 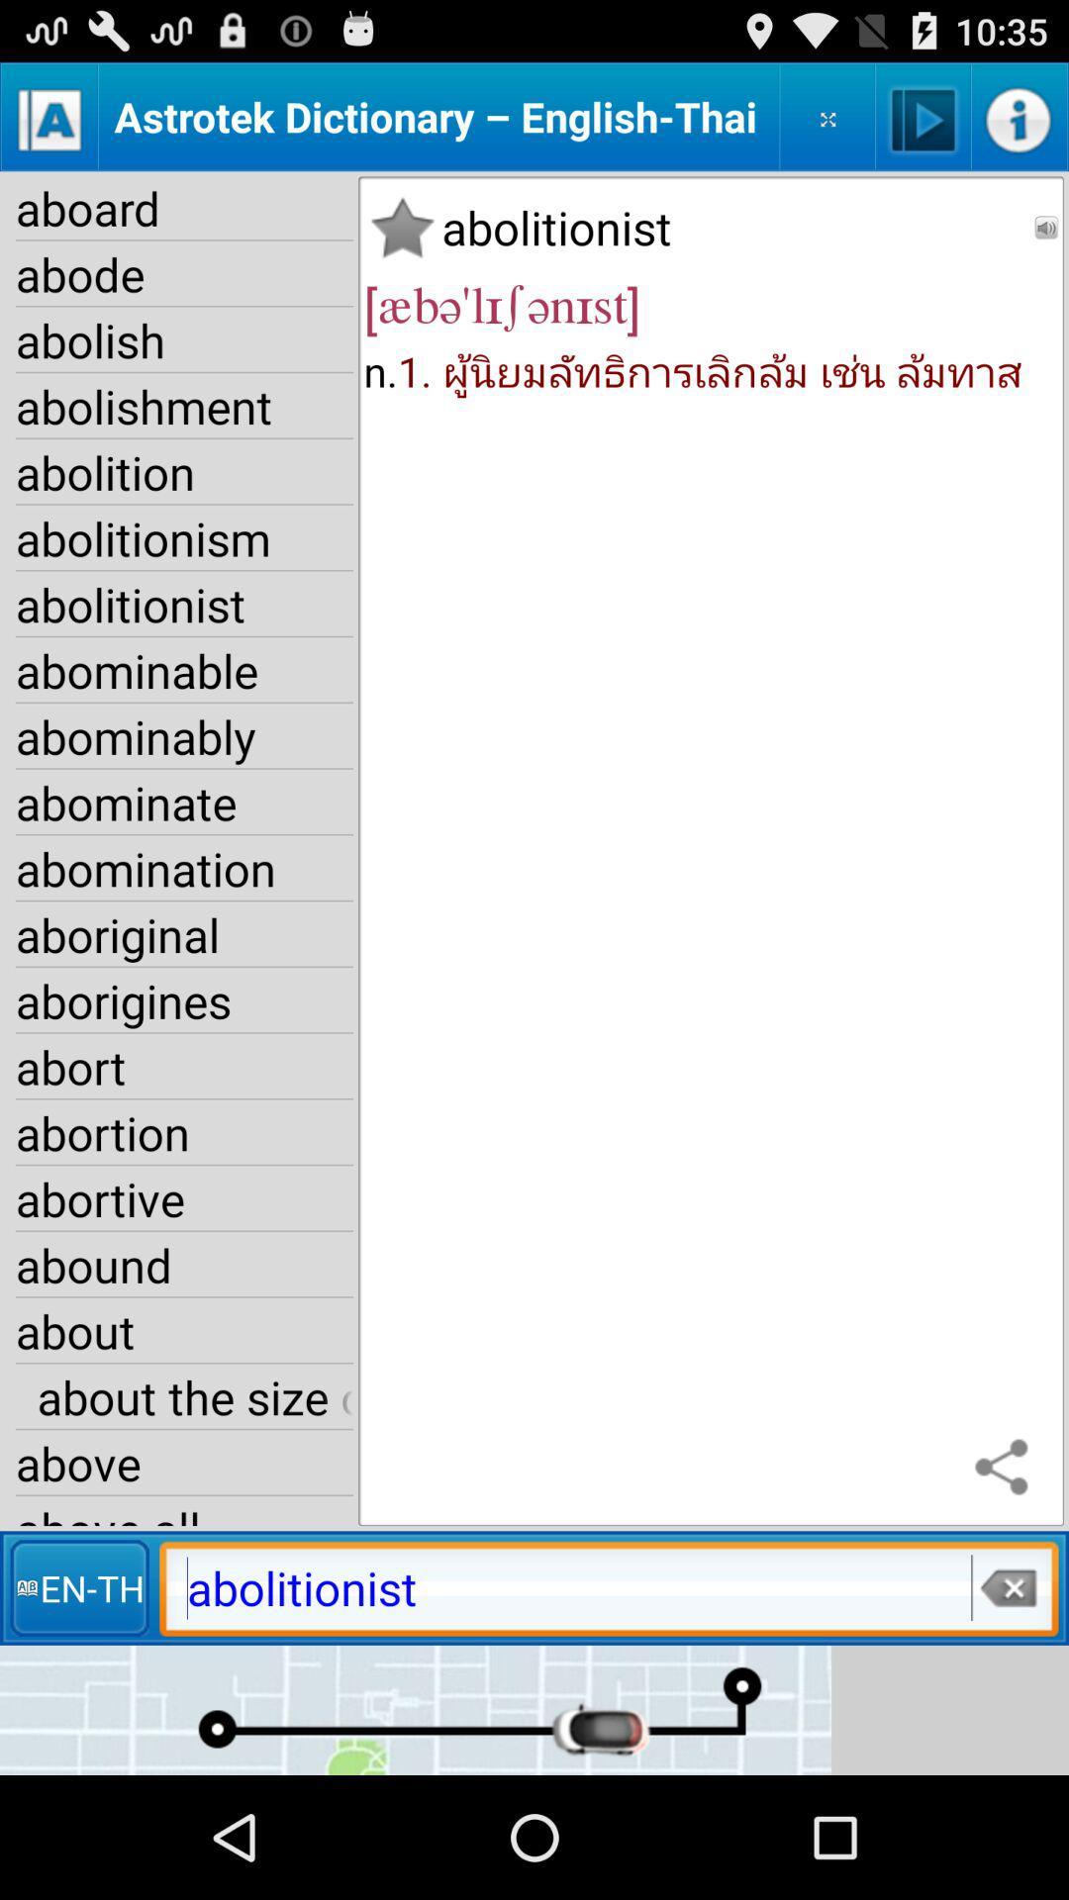 I want to click on read word, so click(x=1045, y=228).